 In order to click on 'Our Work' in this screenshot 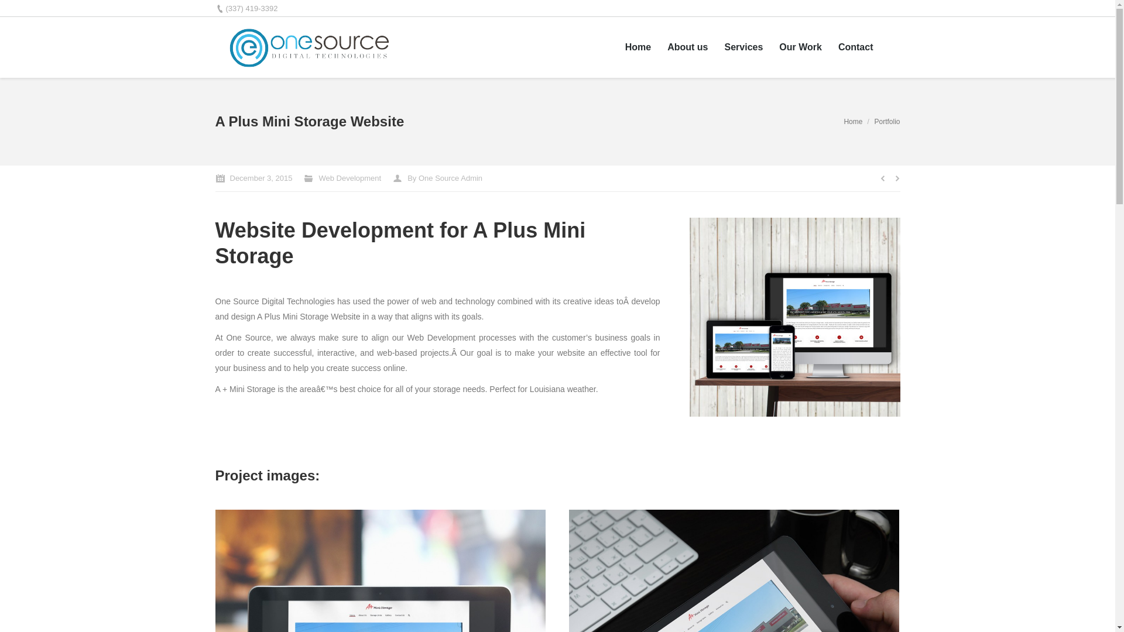, I will do `click(800, 47)`.